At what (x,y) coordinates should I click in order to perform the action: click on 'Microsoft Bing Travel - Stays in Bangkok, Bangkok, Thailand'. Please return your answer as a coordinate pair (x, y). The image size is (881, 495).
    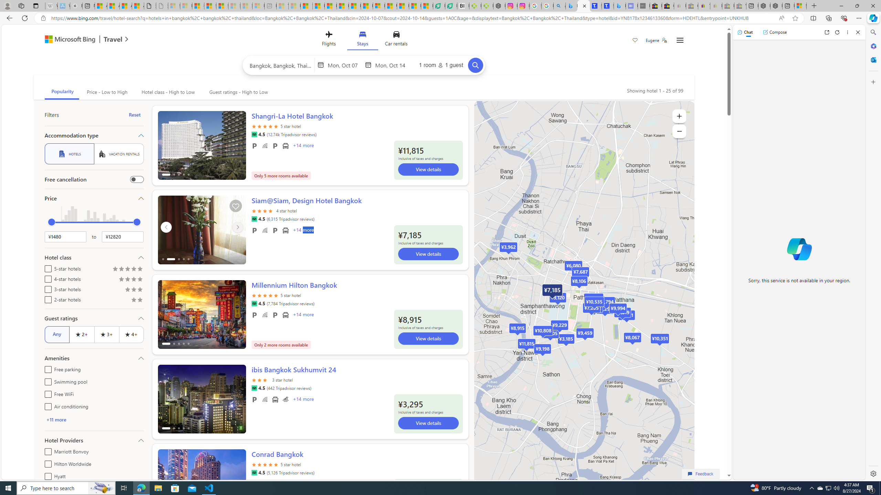
    Looking at the image, I should click on (583, 5).